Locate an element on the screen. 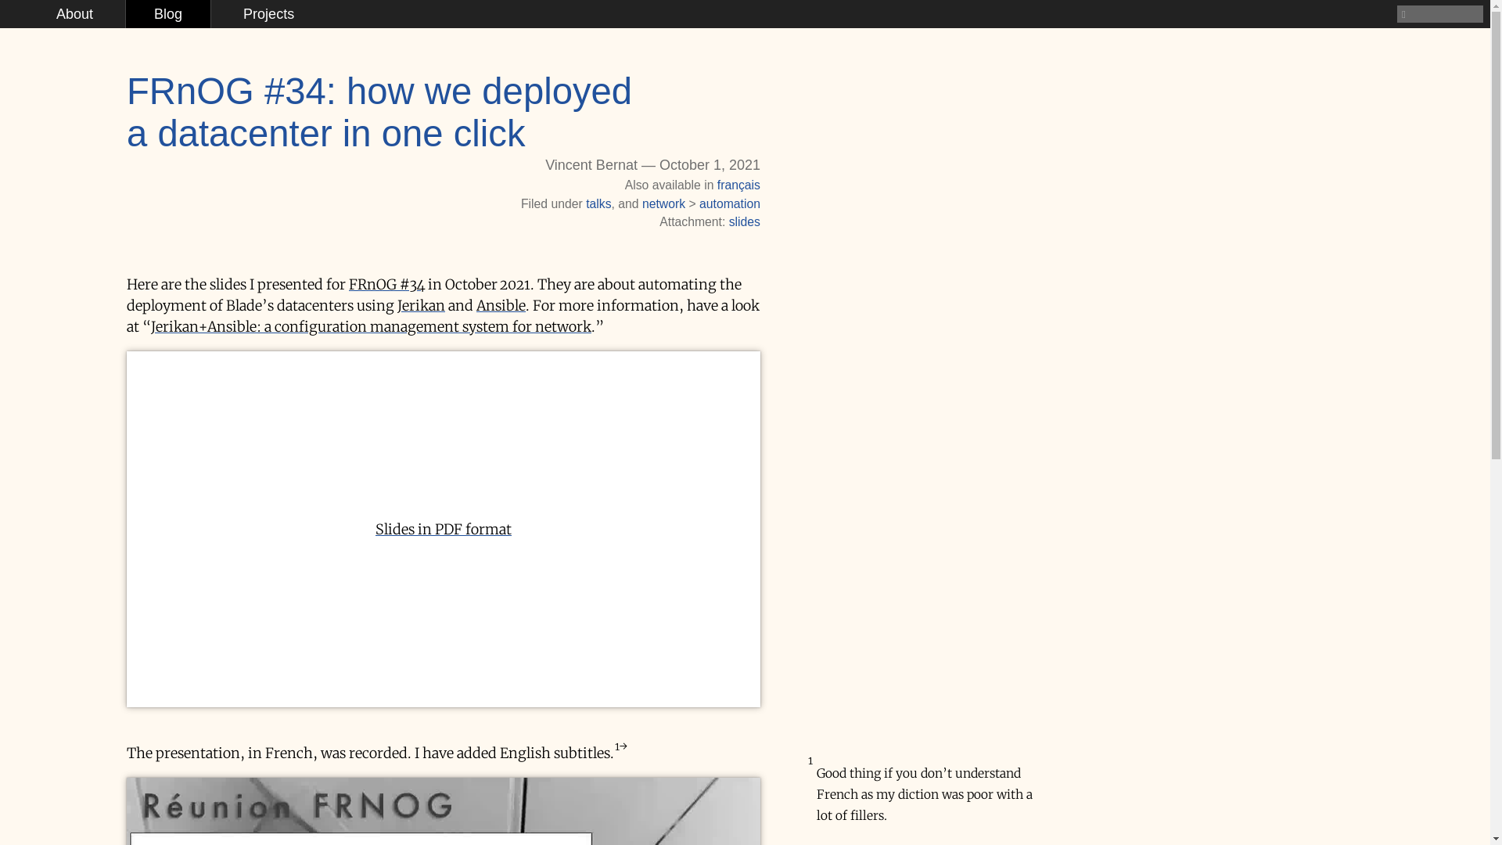 The height and width of the screenshot is (845, 1502). 'Ansible' is located at coordinates (476, 305).